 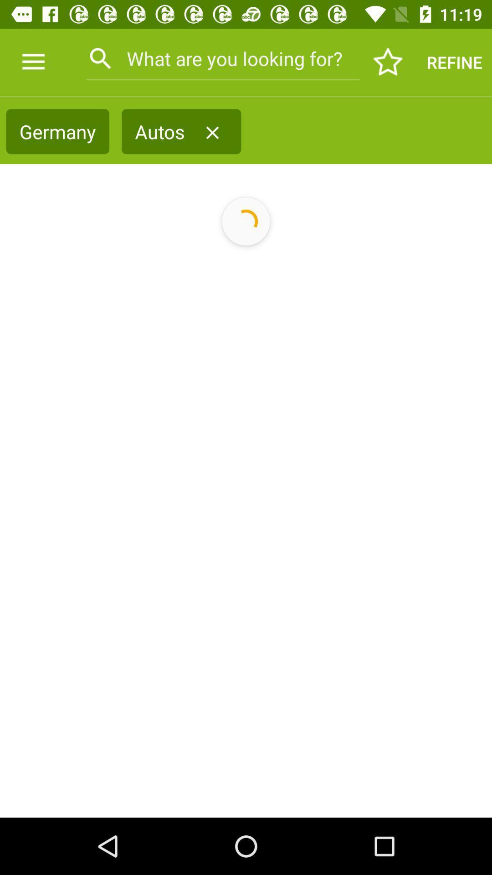 I want to click on the item to the left of refine item, so click(x=388, y=62).